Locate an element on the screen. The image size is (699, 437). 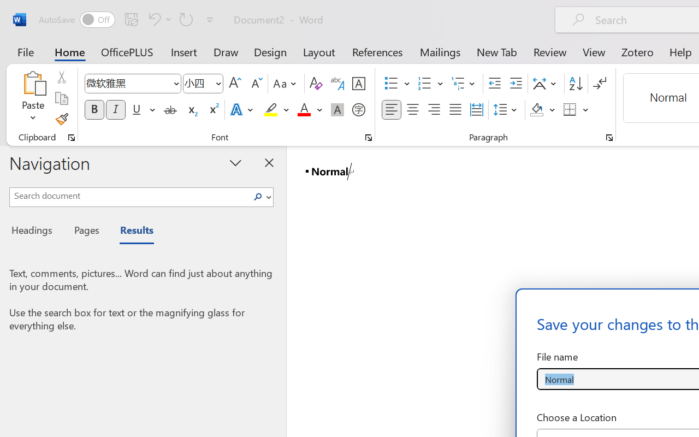
'AutoSave' is located at coordinates (76, 19).